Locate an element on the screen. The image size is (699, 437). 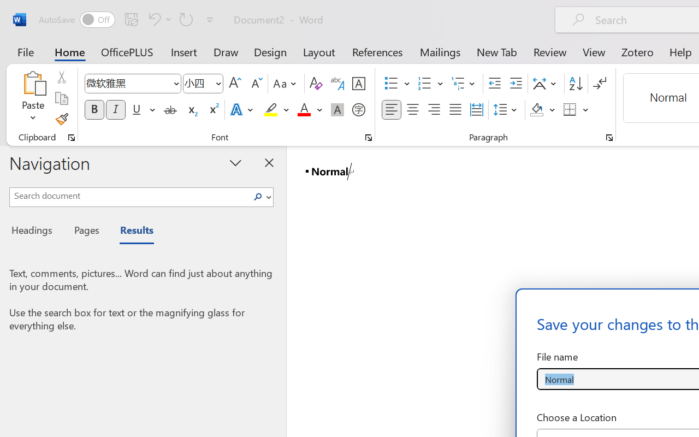
'AutoSave' is located at coordinates (76, 19).